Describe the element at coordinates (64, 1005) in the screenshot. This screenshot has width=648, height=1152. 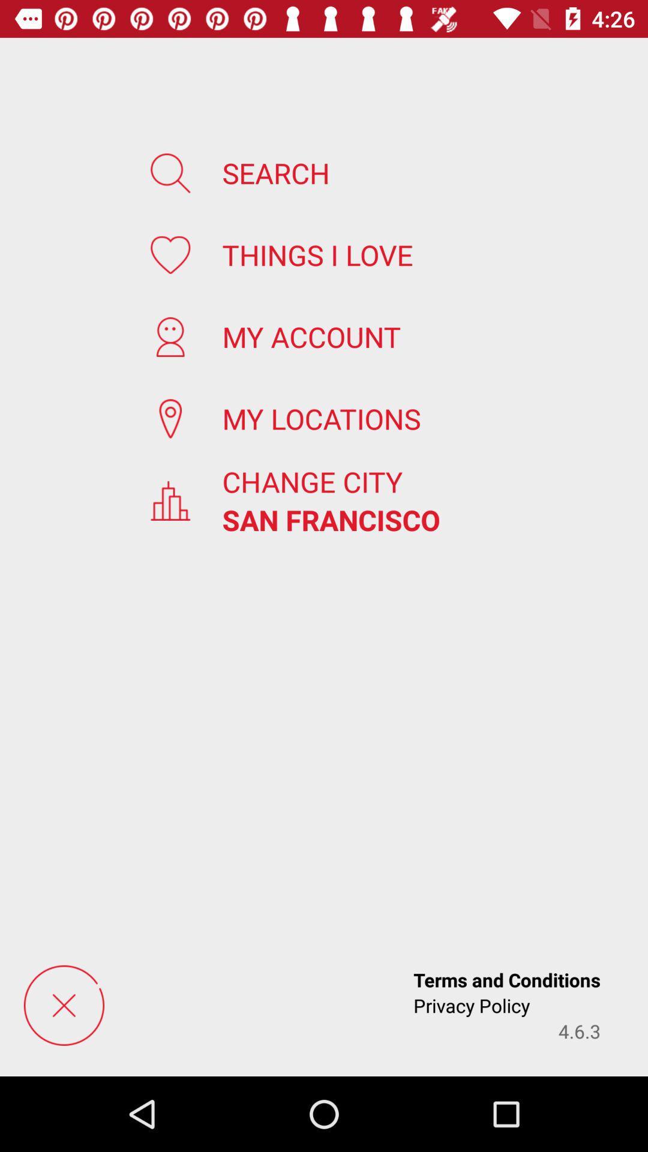
I see `menu` at that location.